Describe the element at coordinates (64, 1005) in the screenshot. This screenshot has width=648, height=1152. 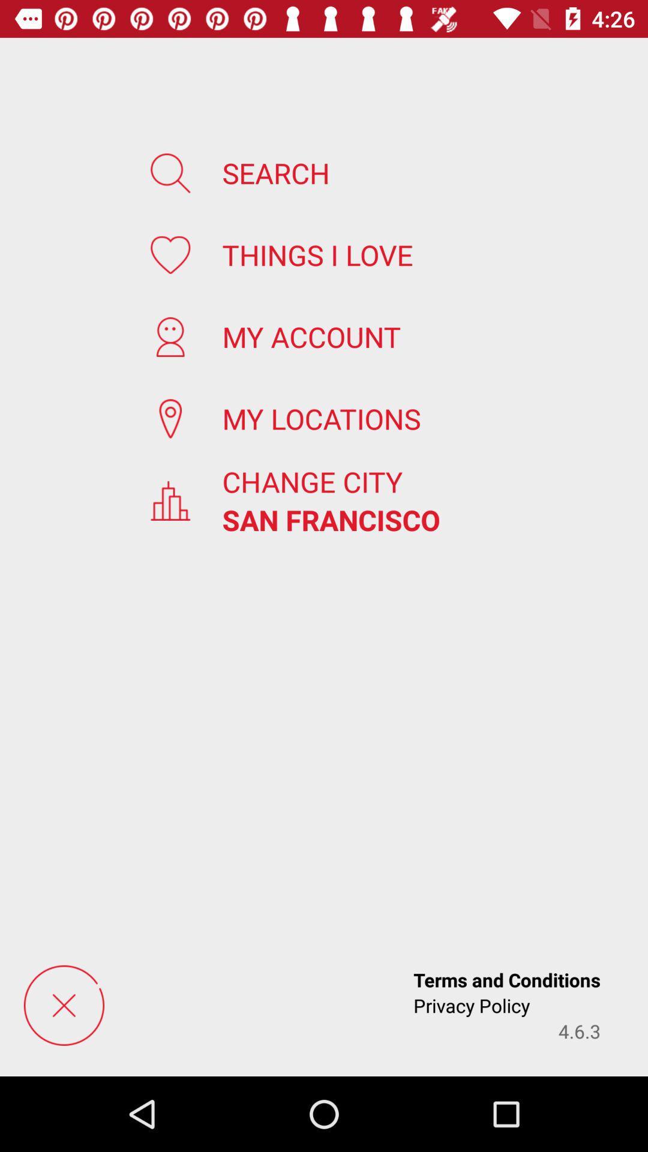
I see `menu` at that location.